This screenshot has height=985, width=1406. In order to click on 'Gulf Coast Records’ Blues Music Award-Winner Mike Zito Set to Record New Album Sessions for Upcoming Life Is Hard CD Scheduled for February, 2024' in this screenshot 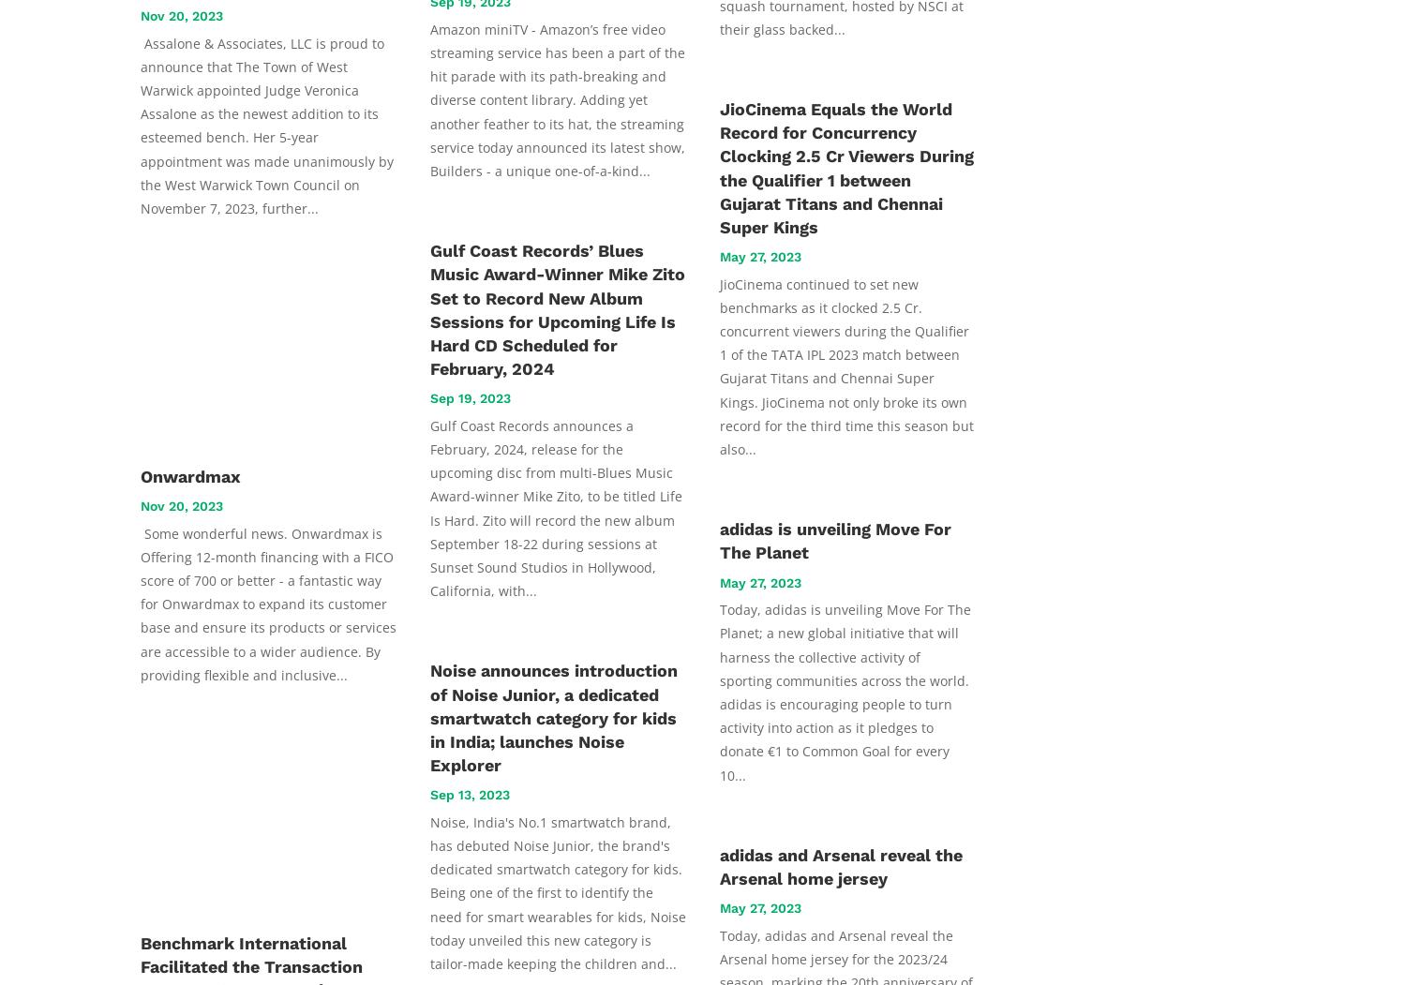, I will do `click(557, 309)`.